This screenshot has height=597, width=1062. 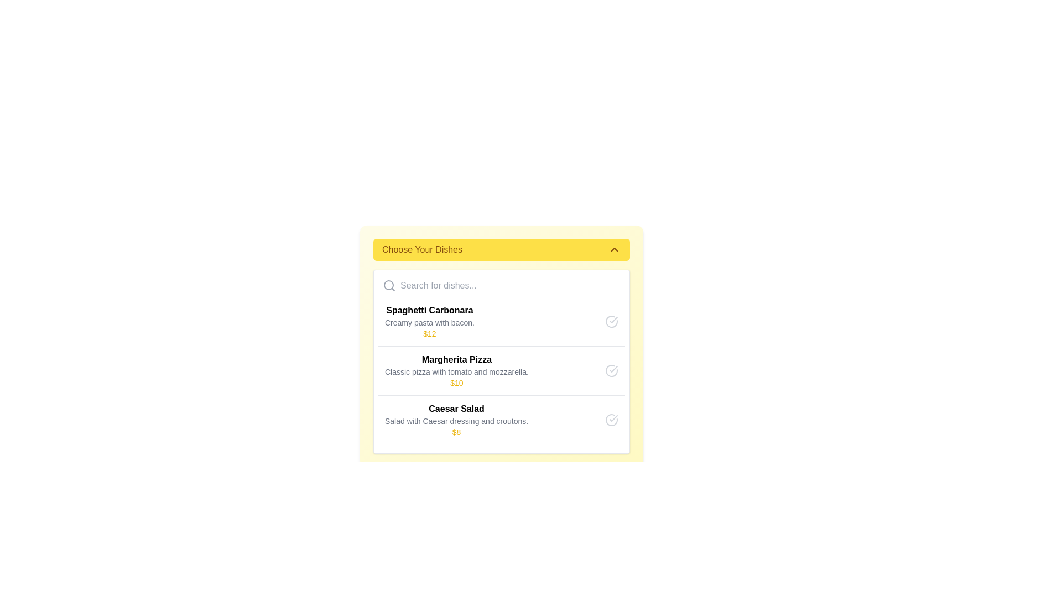 What do you see at coordinates (613, 249) in the screenshot?
I see `the chevron icon representing the dropdown toggle located at the end of the 'Choose Your Dishes' header bar` at bounding box center [613, 249].